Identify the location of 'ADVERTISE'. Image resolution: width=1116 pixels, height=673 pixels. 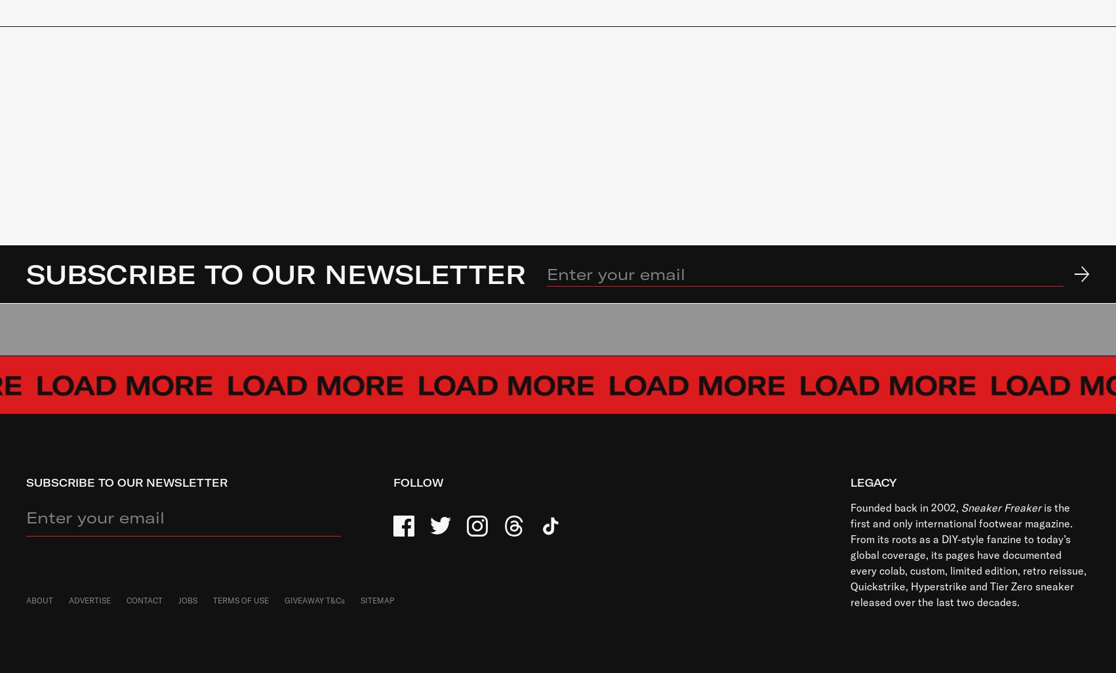
(90, 600).